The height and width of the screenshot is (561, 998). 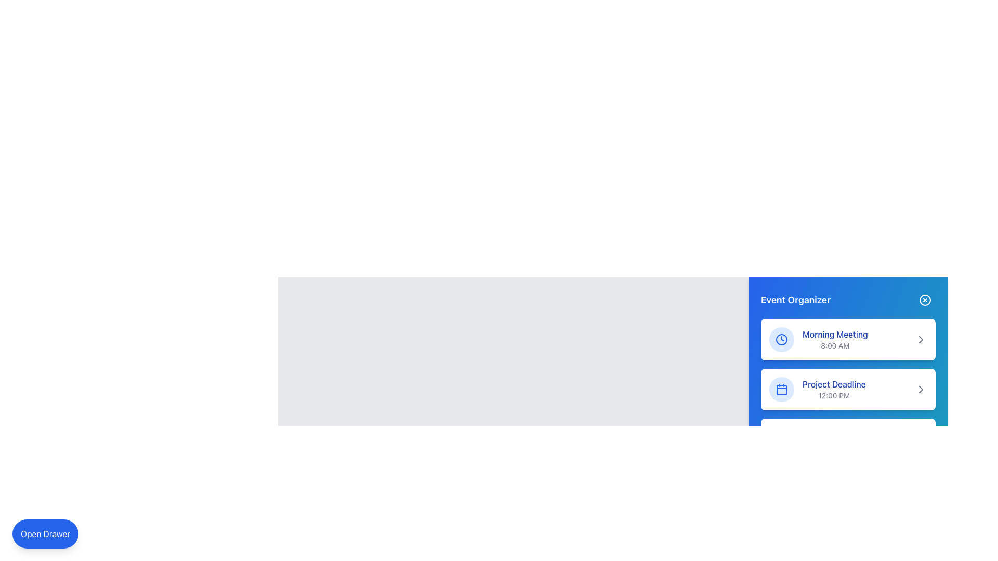 I want to click on the rounded rectangular button with a blue background and white text reading 'Open Drawer' located at the bottom-left corner of the interface, so click(x=45, y=534).